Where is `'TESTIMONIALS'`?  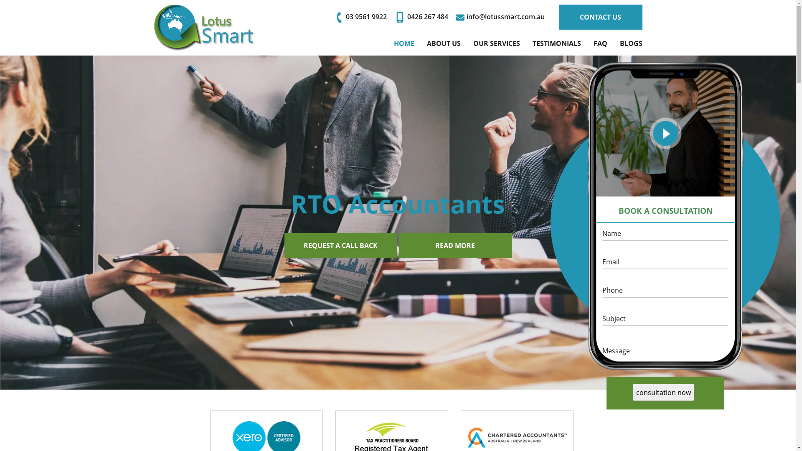
'TESTIMONIALS' is located at coordinates (556, 43).